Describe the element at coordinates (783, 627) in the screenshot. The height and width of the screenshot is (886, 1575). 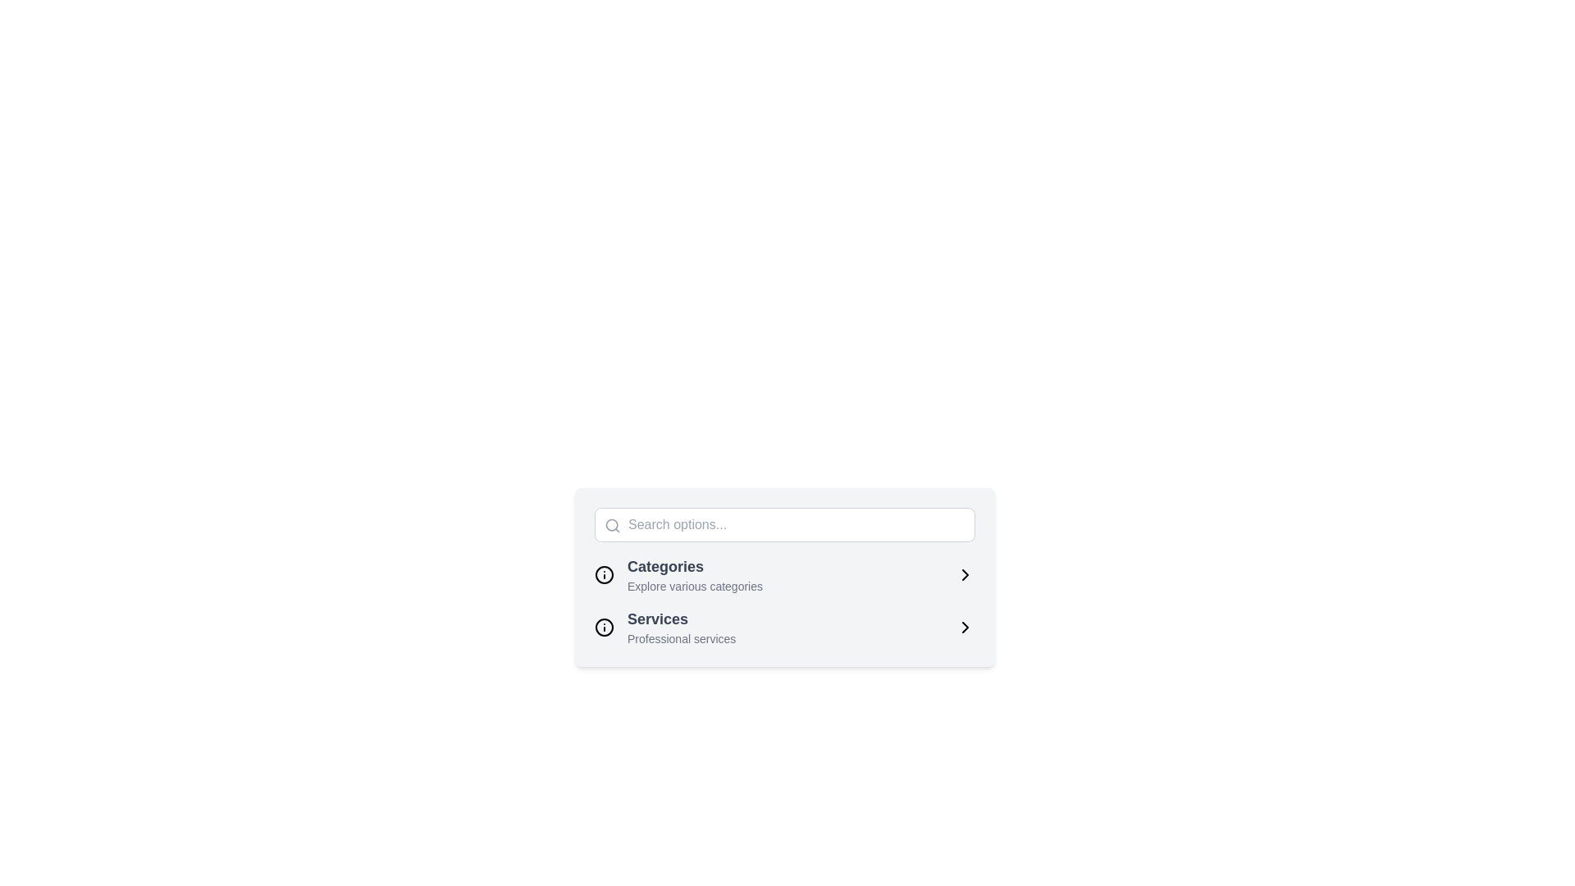
I see `the 'Services' clickable list item, which is the second item in the vertical list below the 'Categories' section` at that location.